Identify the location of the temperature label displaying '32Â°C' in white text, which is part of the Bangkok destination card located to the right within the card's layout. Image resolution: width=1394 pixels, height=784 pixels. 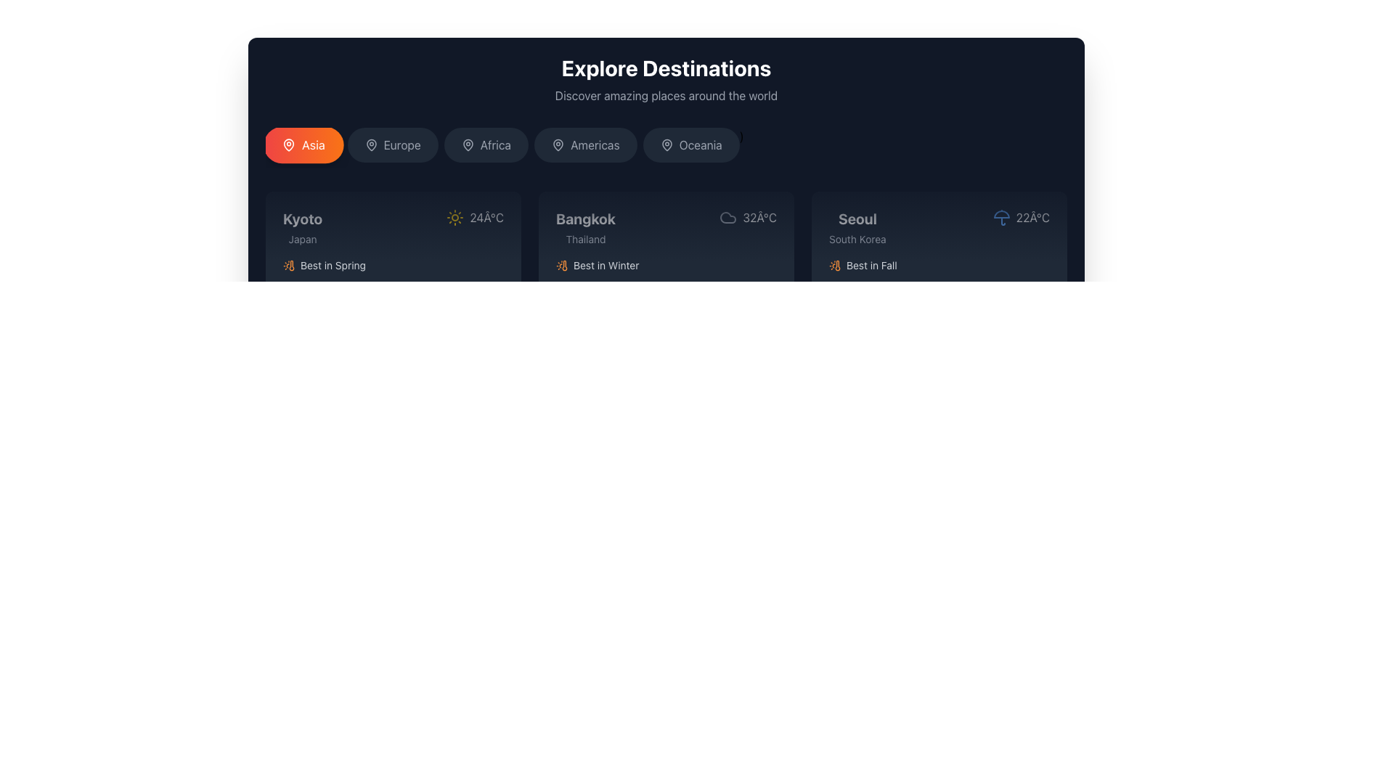
(759, 218).